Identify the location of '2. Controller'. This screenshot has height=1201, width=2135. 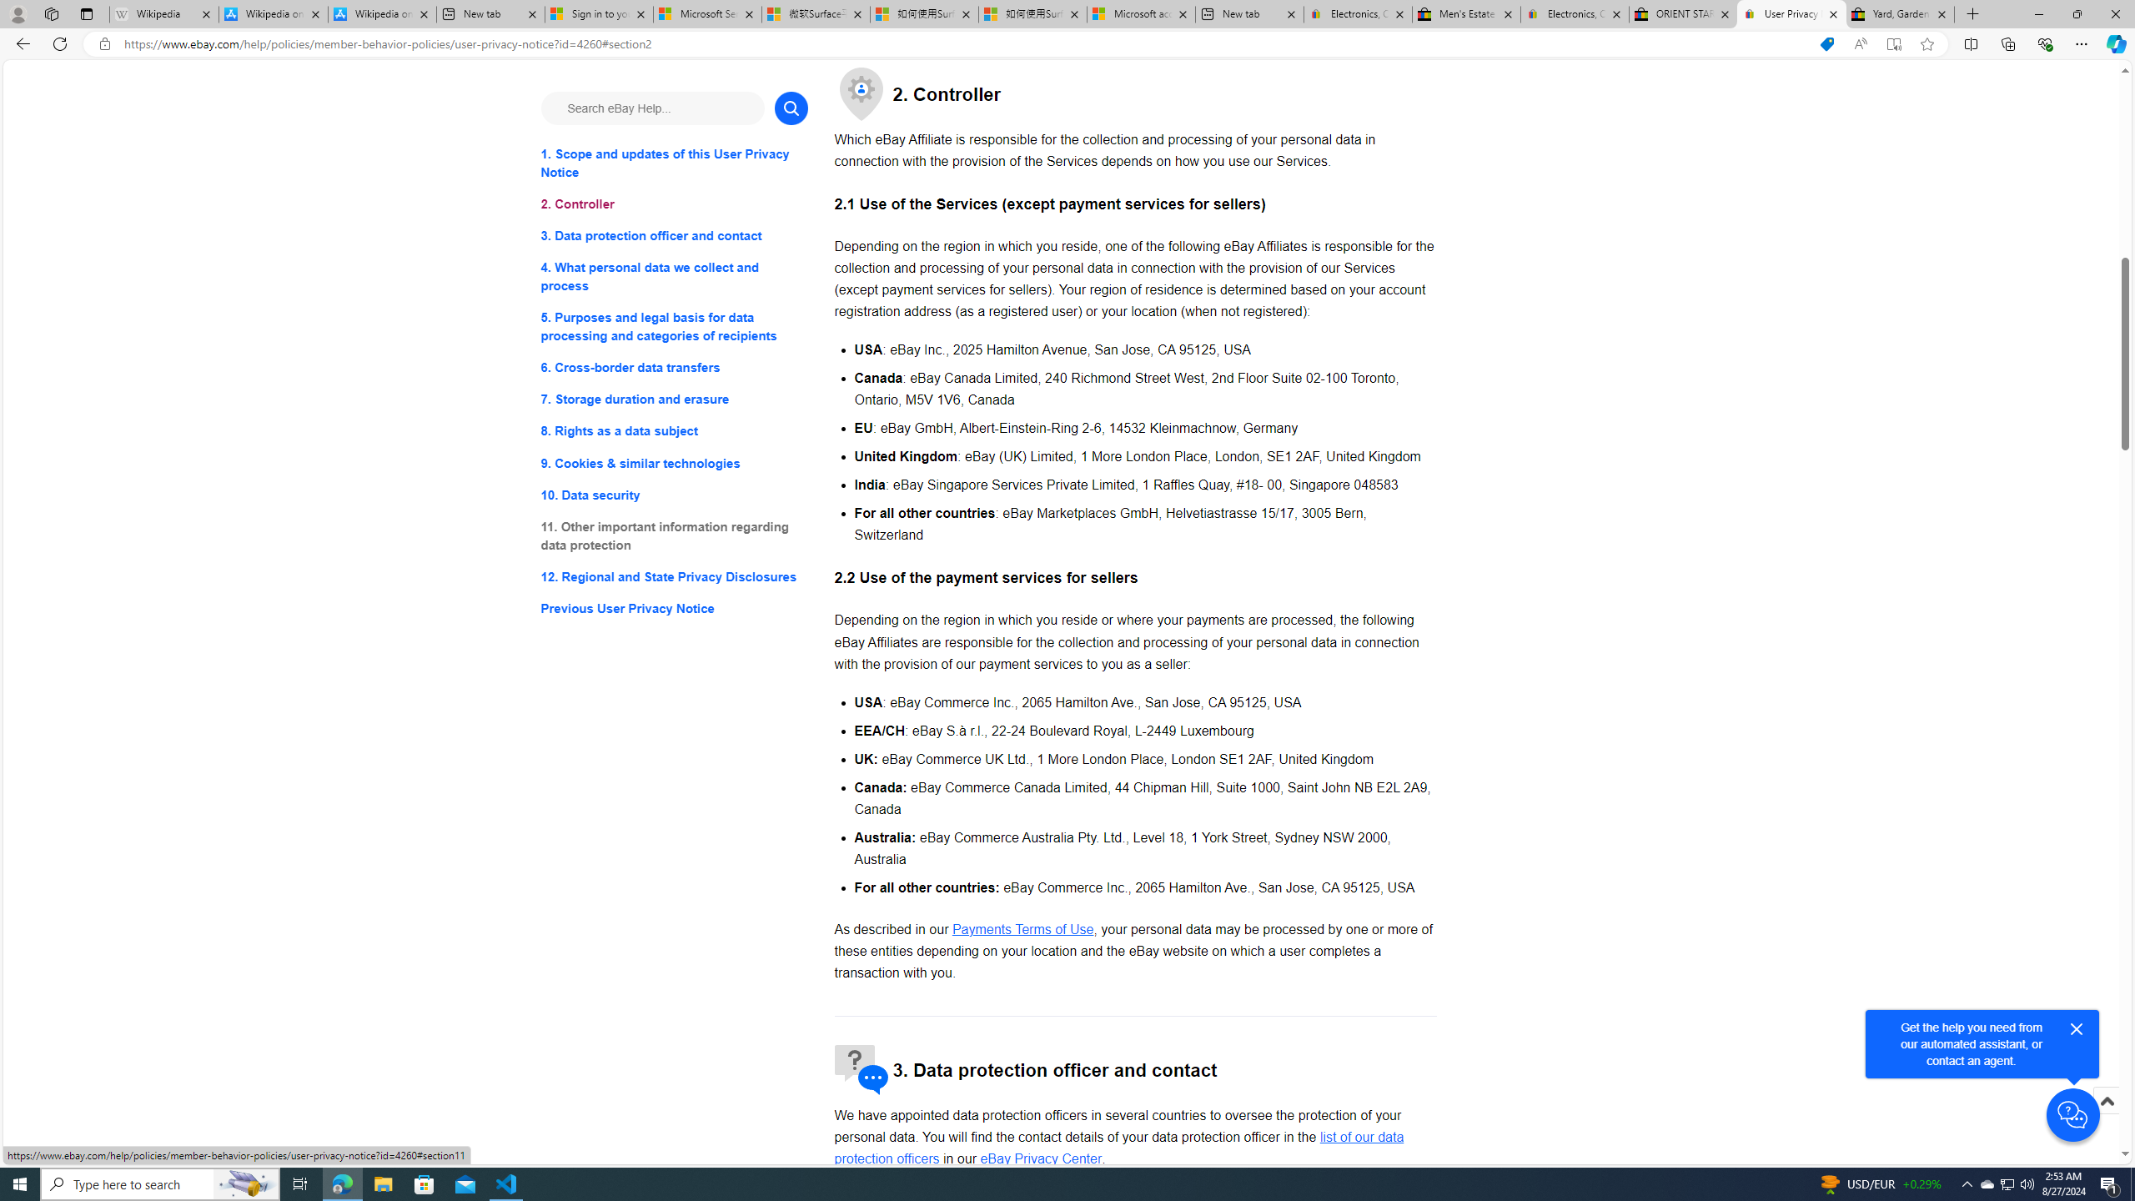
(673, 204).